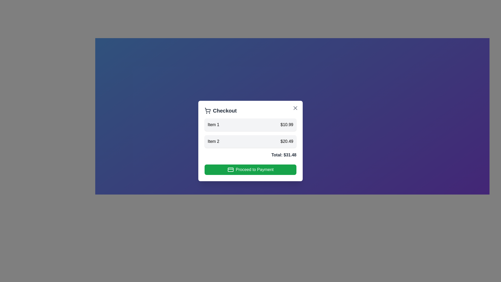 The image size is (501, 282). What do you see at coordinates (250, 141) in the screenshot?
I see `the second informational card in the checkout modal that displays the item name and price` at bounding box center [250, 141].